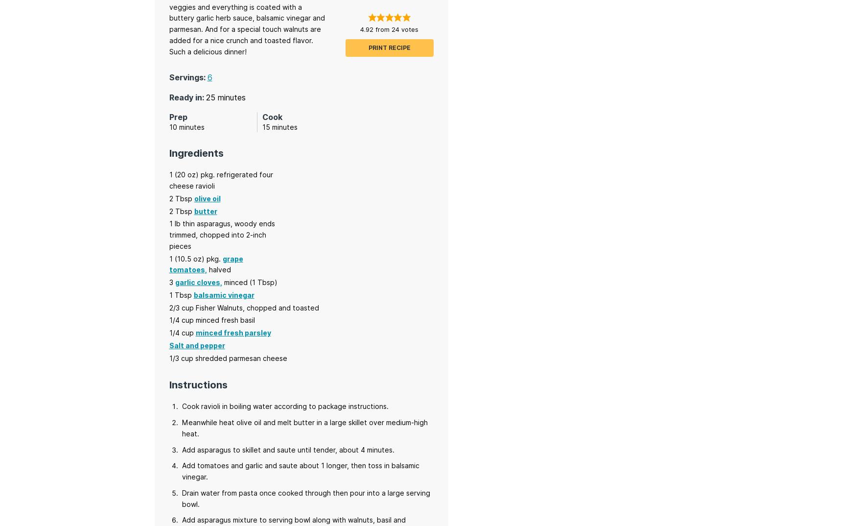  Describe the element at coordinates (282, 307) in the screenshot. I see `'chopped and toasted'` at that location.